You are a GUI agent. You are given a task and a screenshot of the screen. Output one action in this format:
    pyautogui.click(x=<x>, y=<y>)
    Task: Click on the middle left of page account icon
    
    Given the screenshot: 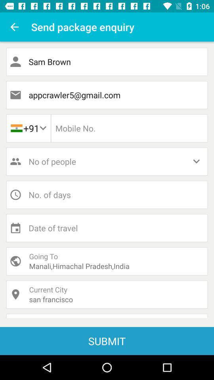 What is the action you would take?
    pyautogui.click(x=13, y=161)
    